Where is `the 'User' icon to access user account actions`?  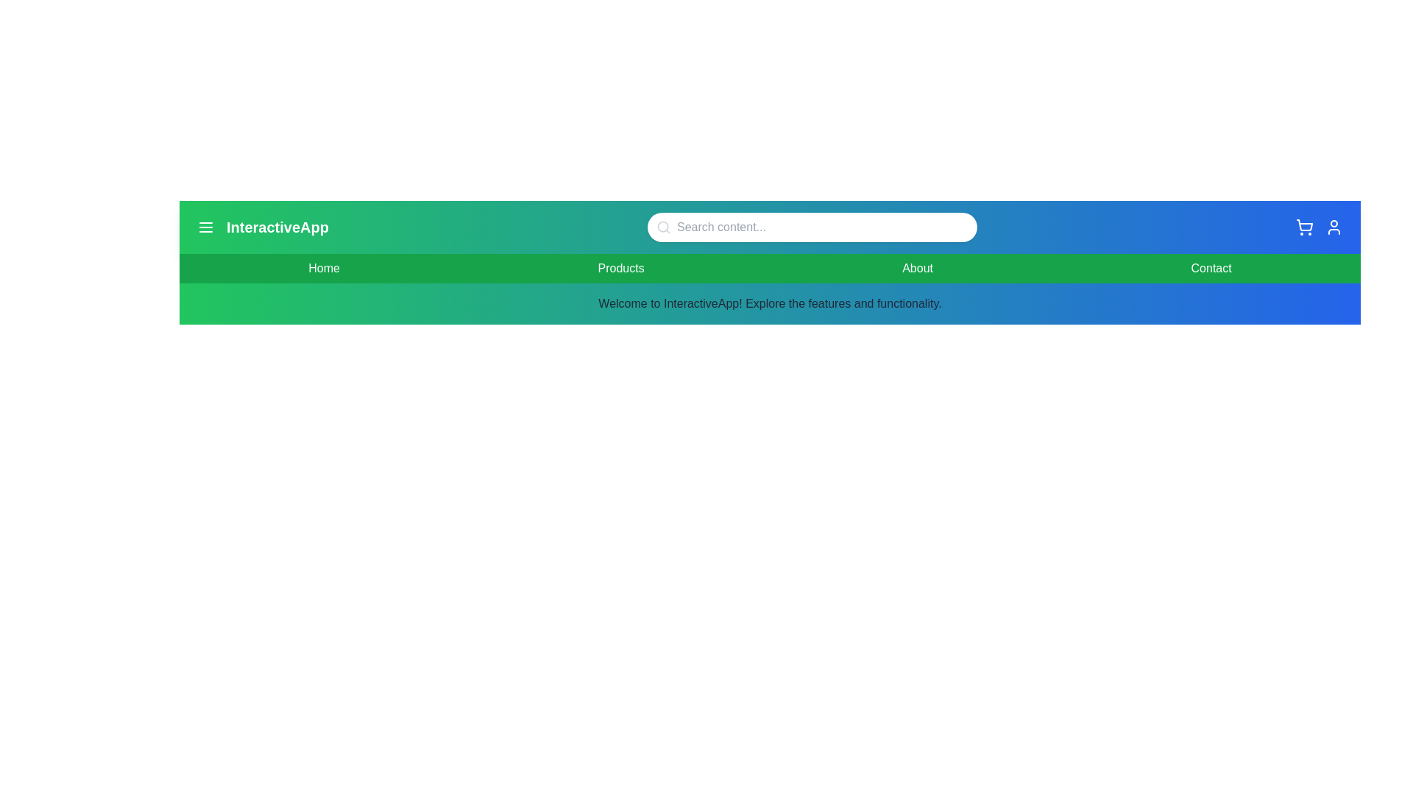
the 'User' icon to access user account actions is located at coordinates (1334, 227).